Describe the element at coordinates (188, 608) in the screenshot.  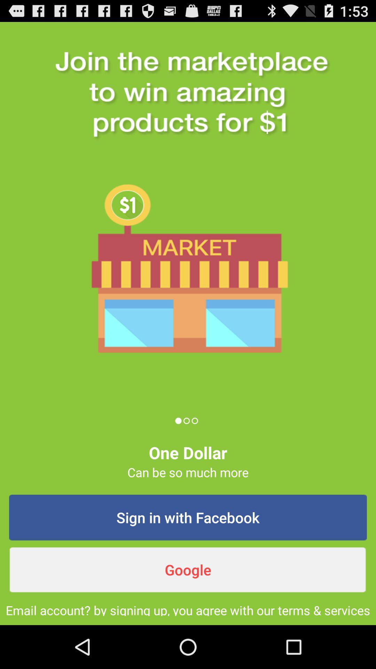
I see `the email account by icon` at that location.